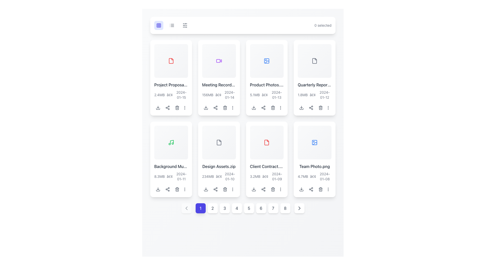 This screenshot has height=272, width=484. What do you see at coordinates (261, 208) in the screenshot?
I see `the circular button displaying the number '6' with a white background` at bounding box center [261, 208].